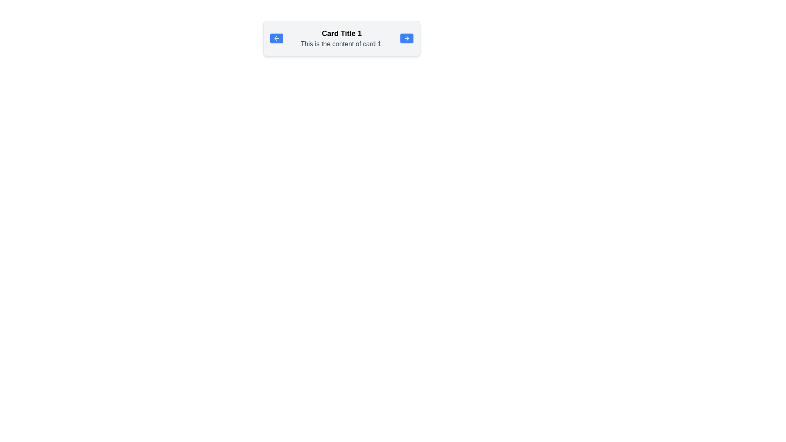  I want to click on the arrowhead graphic icon located within the small button on the right-hand side of the card, so click(408, 38).